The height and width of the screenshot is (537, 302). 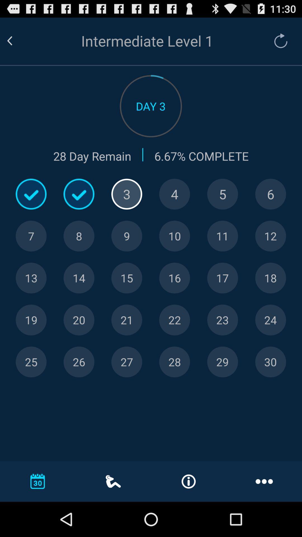 I want to click on the arrow_backward icon, so click(x=16, y=43).